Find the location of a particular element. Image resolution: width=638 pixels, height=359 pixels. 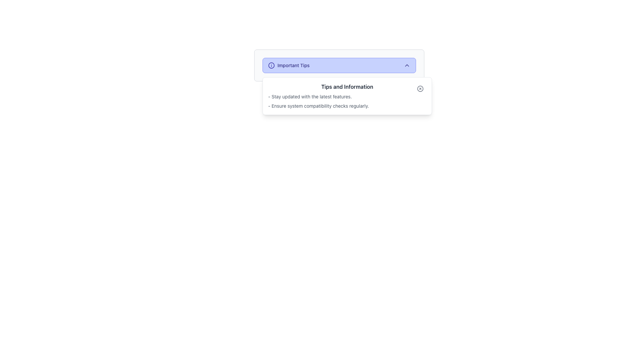

the Text label located near the top left of the dropdown box, which serves as a title for the dropdown content is located at coordinates (293, 65).